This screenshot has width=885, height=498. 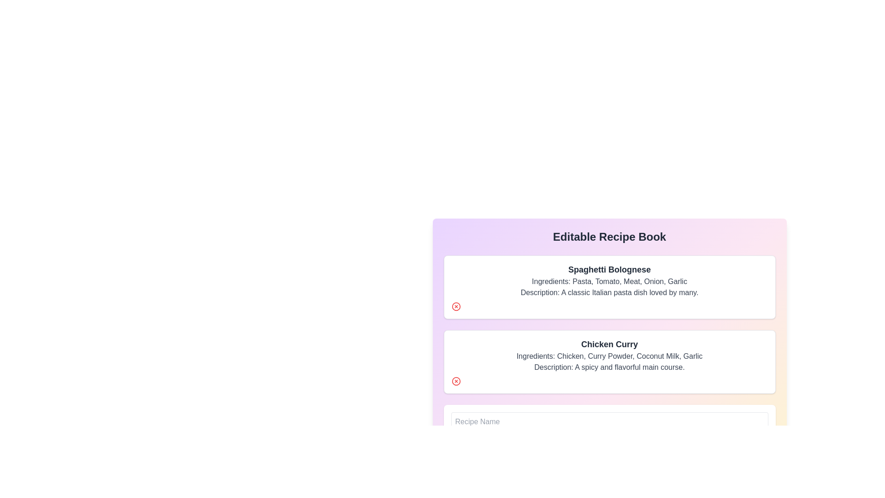 I want to click on title 'Spaghetti Bolognese' from the text label that is bold and larger than surrounding text, positioned above the ingredients list in the Editable Recipe Book, so click(x=609, y=270).